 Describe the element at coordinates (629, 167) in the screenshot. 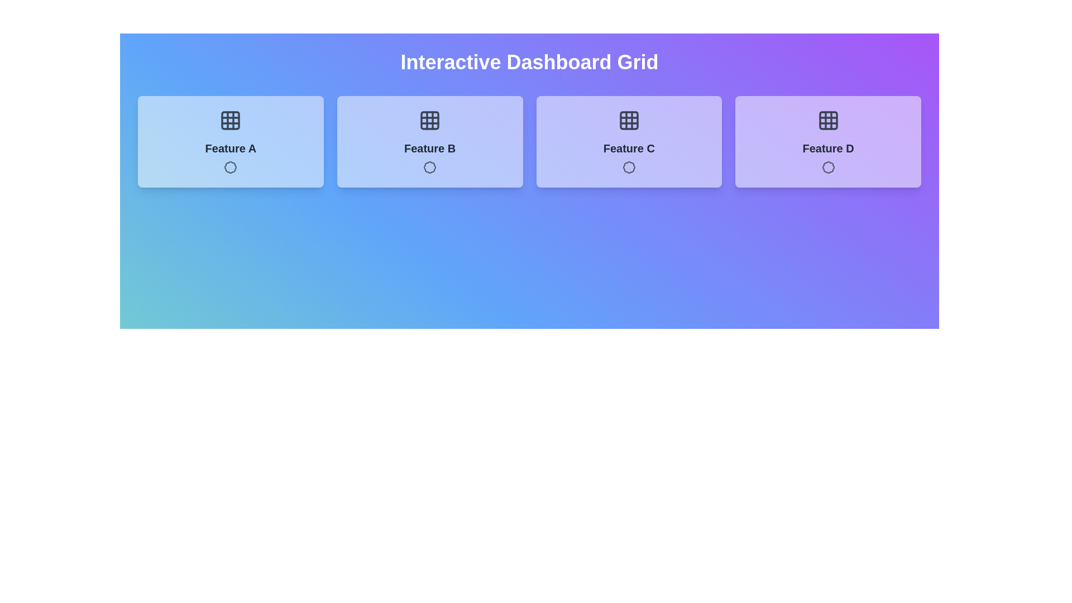

I see `the graphic icon that represents an action or state associated with 'Feature C' to interact with it` at that location.